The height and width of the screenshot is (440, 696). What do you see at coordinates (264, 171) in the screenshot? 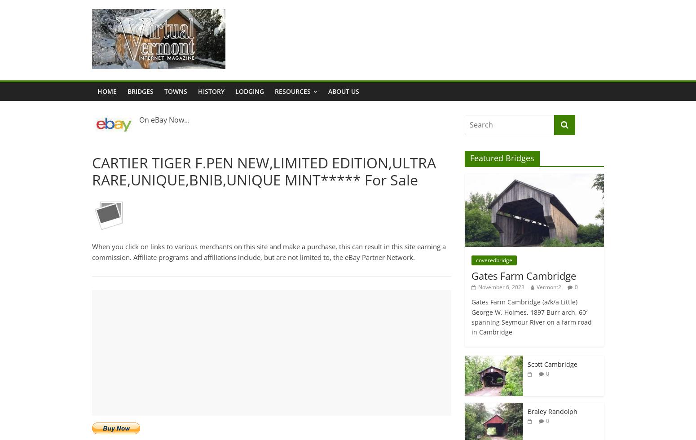
I see `'CARTIER TIGER F.PEN NEW,LIMITED EDITION,ULTRA RARE,UNIQUE,BNIB,UNIQUE MINT***** For Sale'` at bounding box center [264, 171].